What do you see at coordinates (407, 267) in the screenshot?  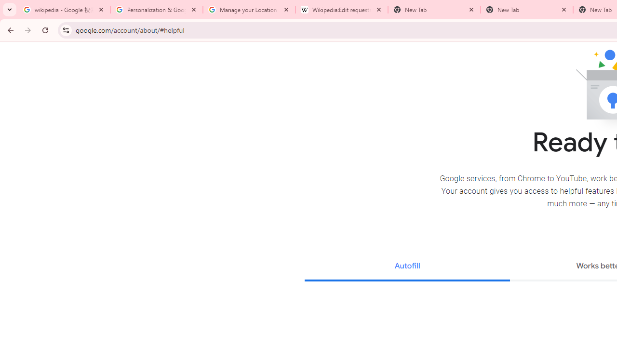 I see `'Autofill'` at bounding box center [407, 267].